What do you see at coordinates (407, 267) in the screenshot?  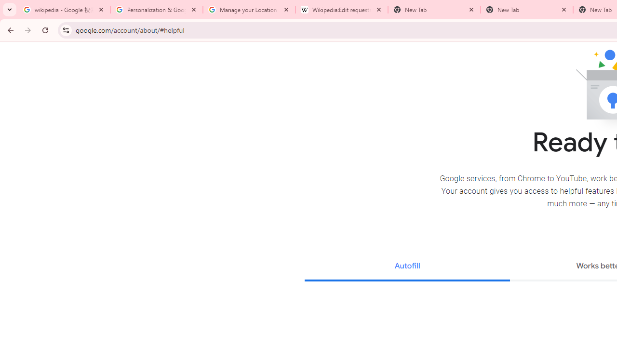 I see `'Autofill'` at bounding box center [407, 267].